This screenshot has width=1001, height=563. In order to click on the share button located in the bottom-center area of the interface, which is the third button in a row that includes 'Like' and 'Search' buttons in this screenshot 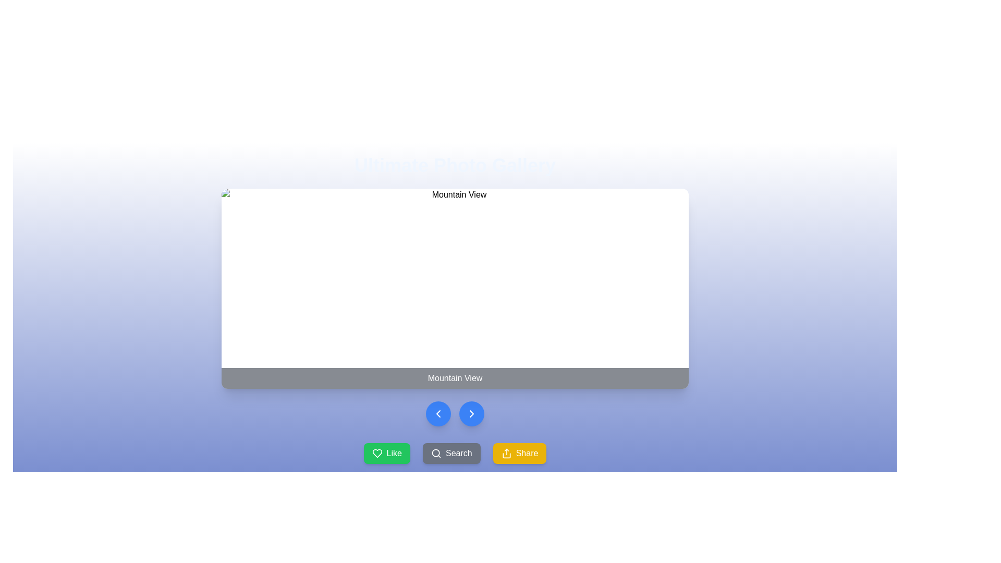, I will do `click(520, 453)`.